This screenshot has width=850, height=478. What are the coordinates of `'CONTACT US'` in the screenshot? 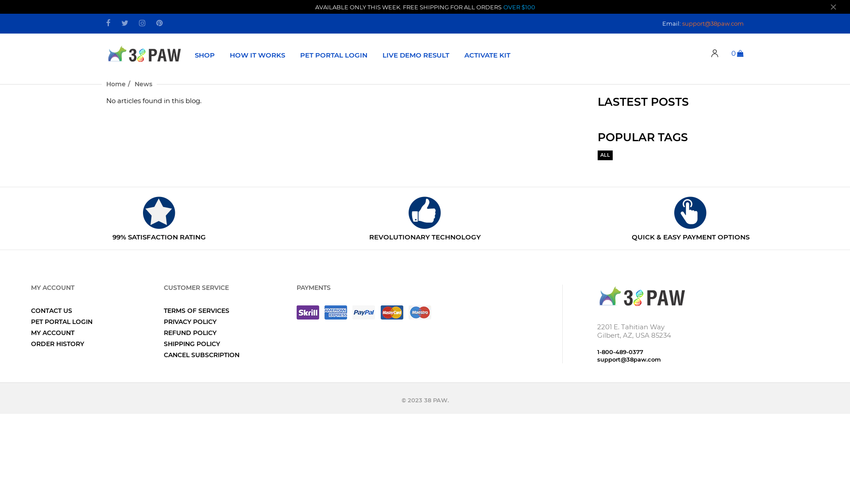 It's located at (51, 310).